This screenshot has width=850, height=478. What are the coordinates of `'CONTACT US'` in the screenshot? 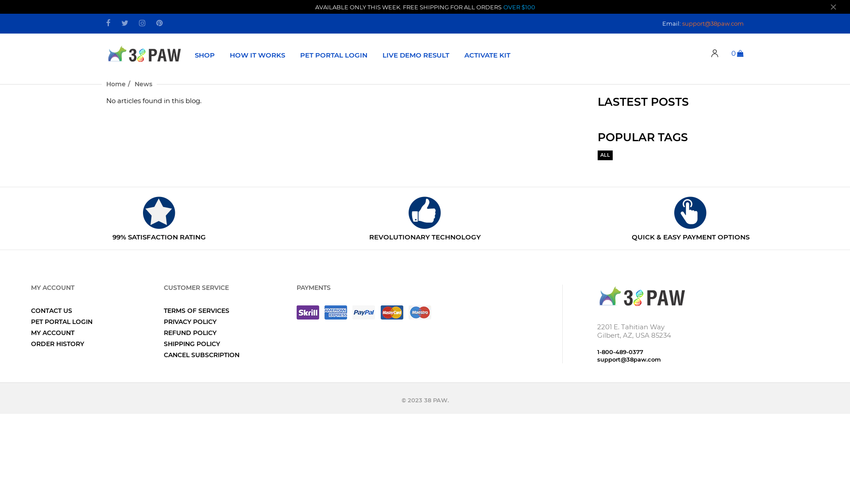 It's located at (51, 310).